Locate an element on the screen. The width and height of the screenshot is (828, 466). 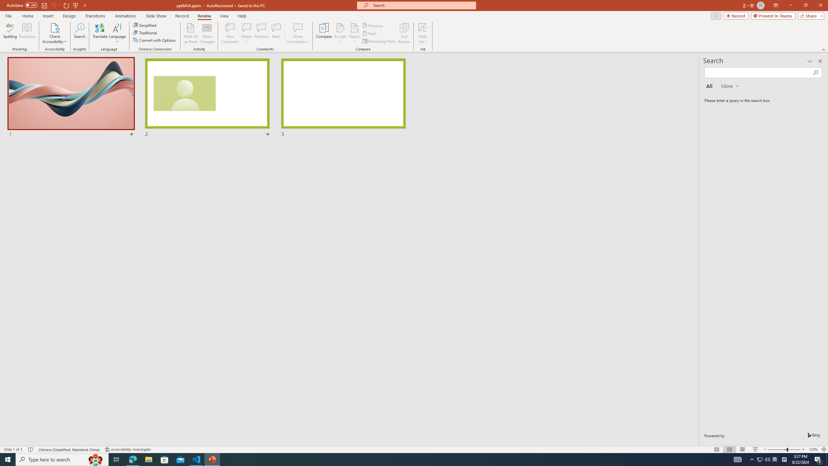
'Zoom 120%' is located at coordinates (813, 449).